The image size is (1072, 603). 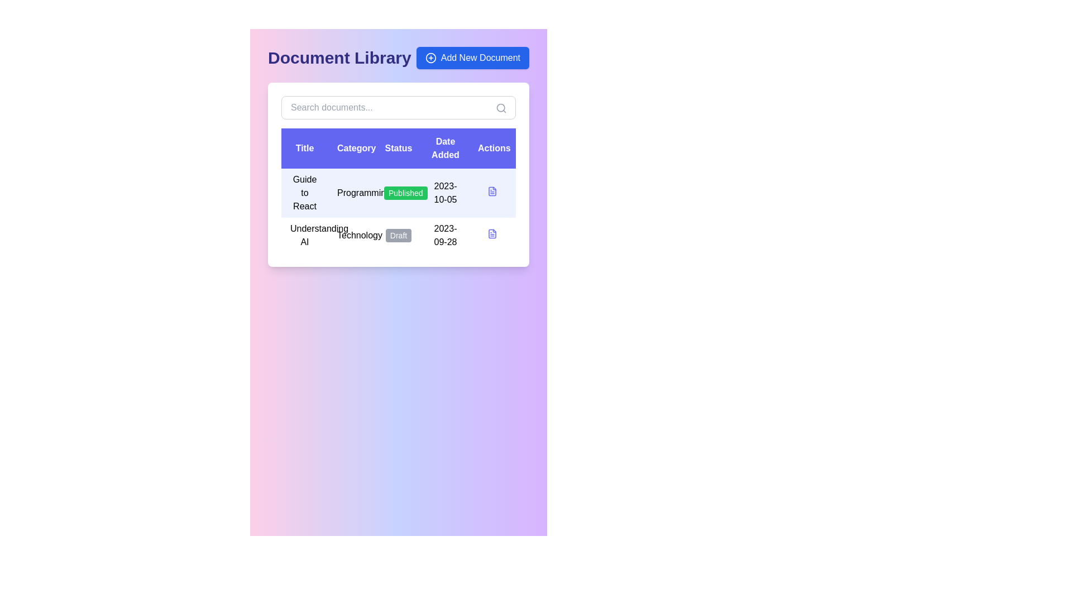 I want to click on the 'Add New Document' button which contains a circular icon with a plus sign, located in the top-right corner of the main interface, so click(x=430, y=58).